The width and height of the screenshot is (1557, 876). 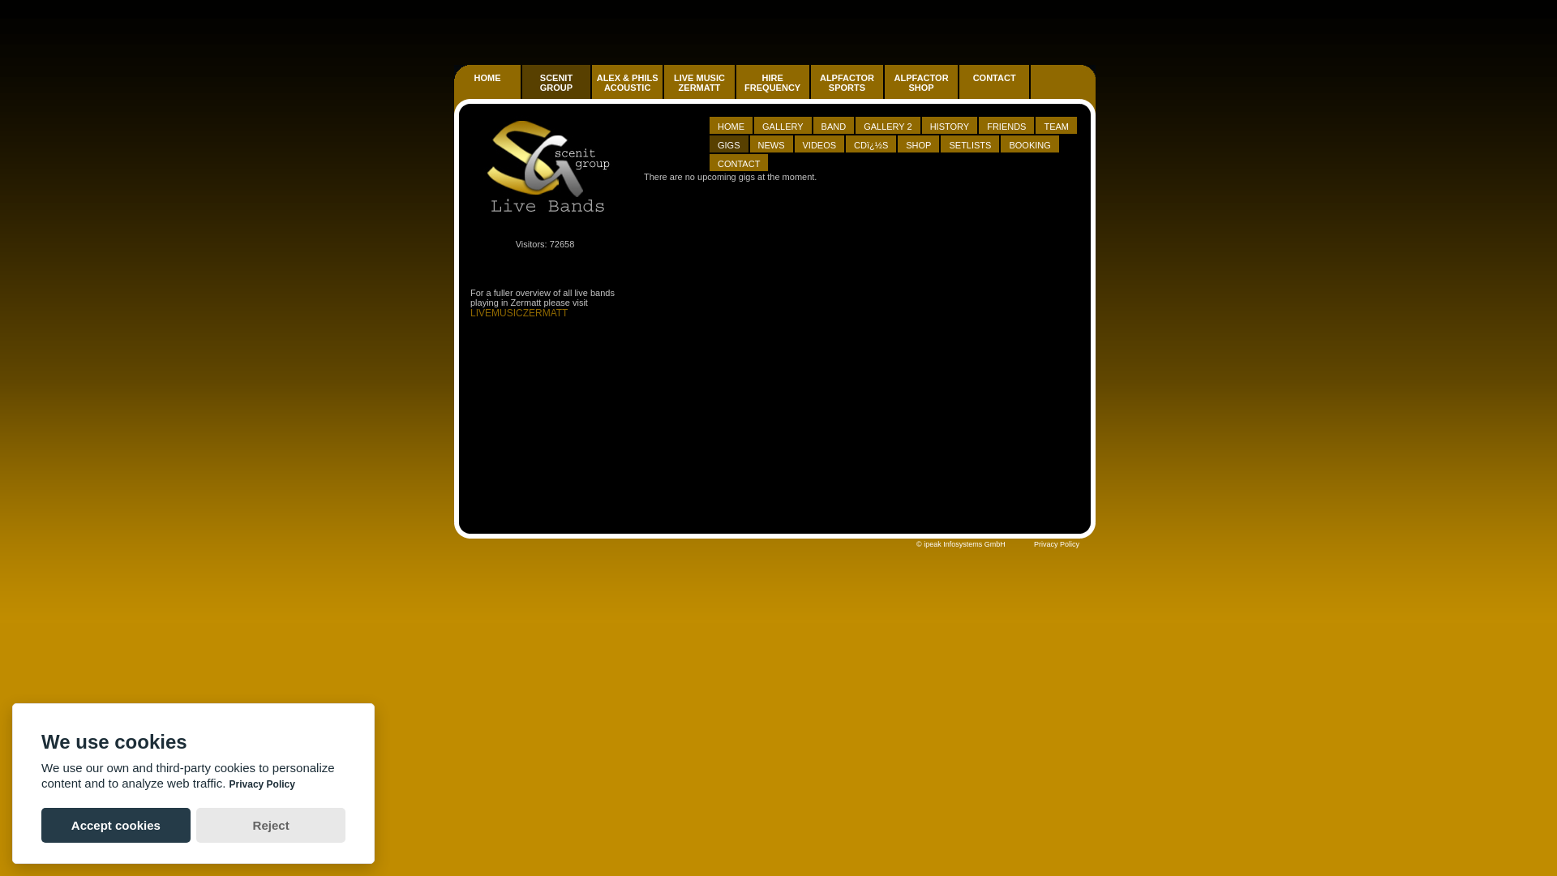 I want to click on 'SHOP', so click(x=918, y=143).